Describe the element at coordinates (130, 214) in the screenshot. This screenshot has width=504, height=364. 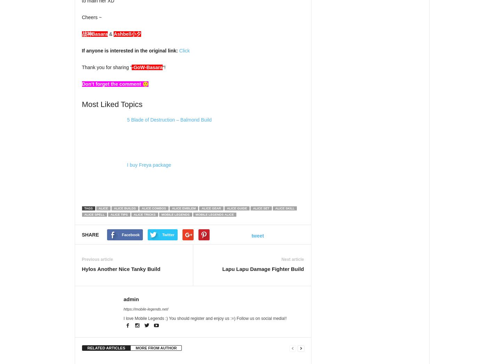
I see `'Alice Tricks'` at that location.